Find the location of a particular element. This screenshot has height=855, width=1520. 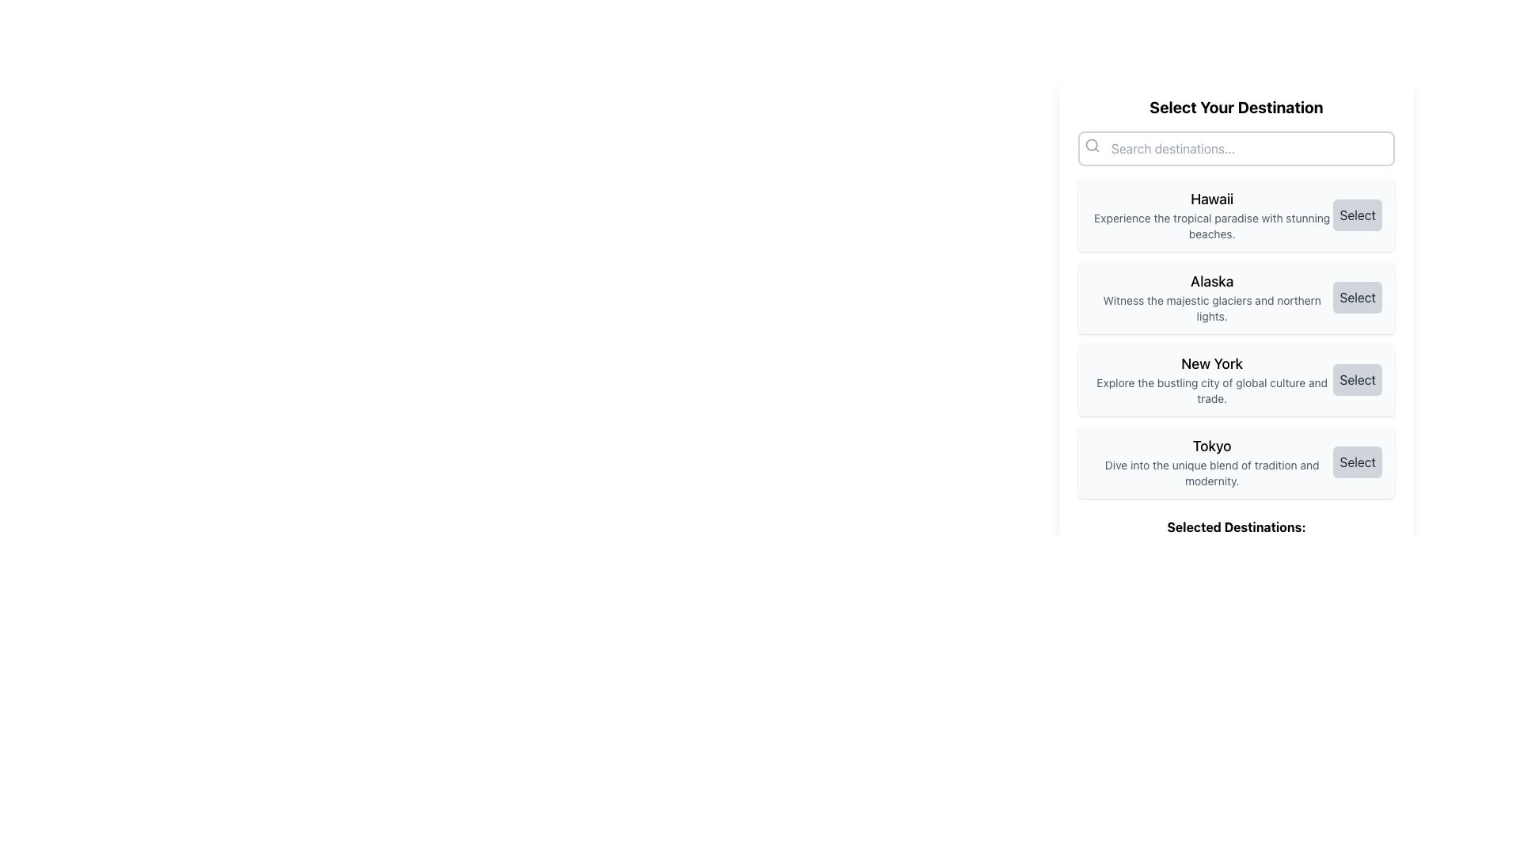

the text label displaying 'Hawaii' which is the topmost entry in the list of destination options, located below the search bar is located at coordinates (1211, 215).